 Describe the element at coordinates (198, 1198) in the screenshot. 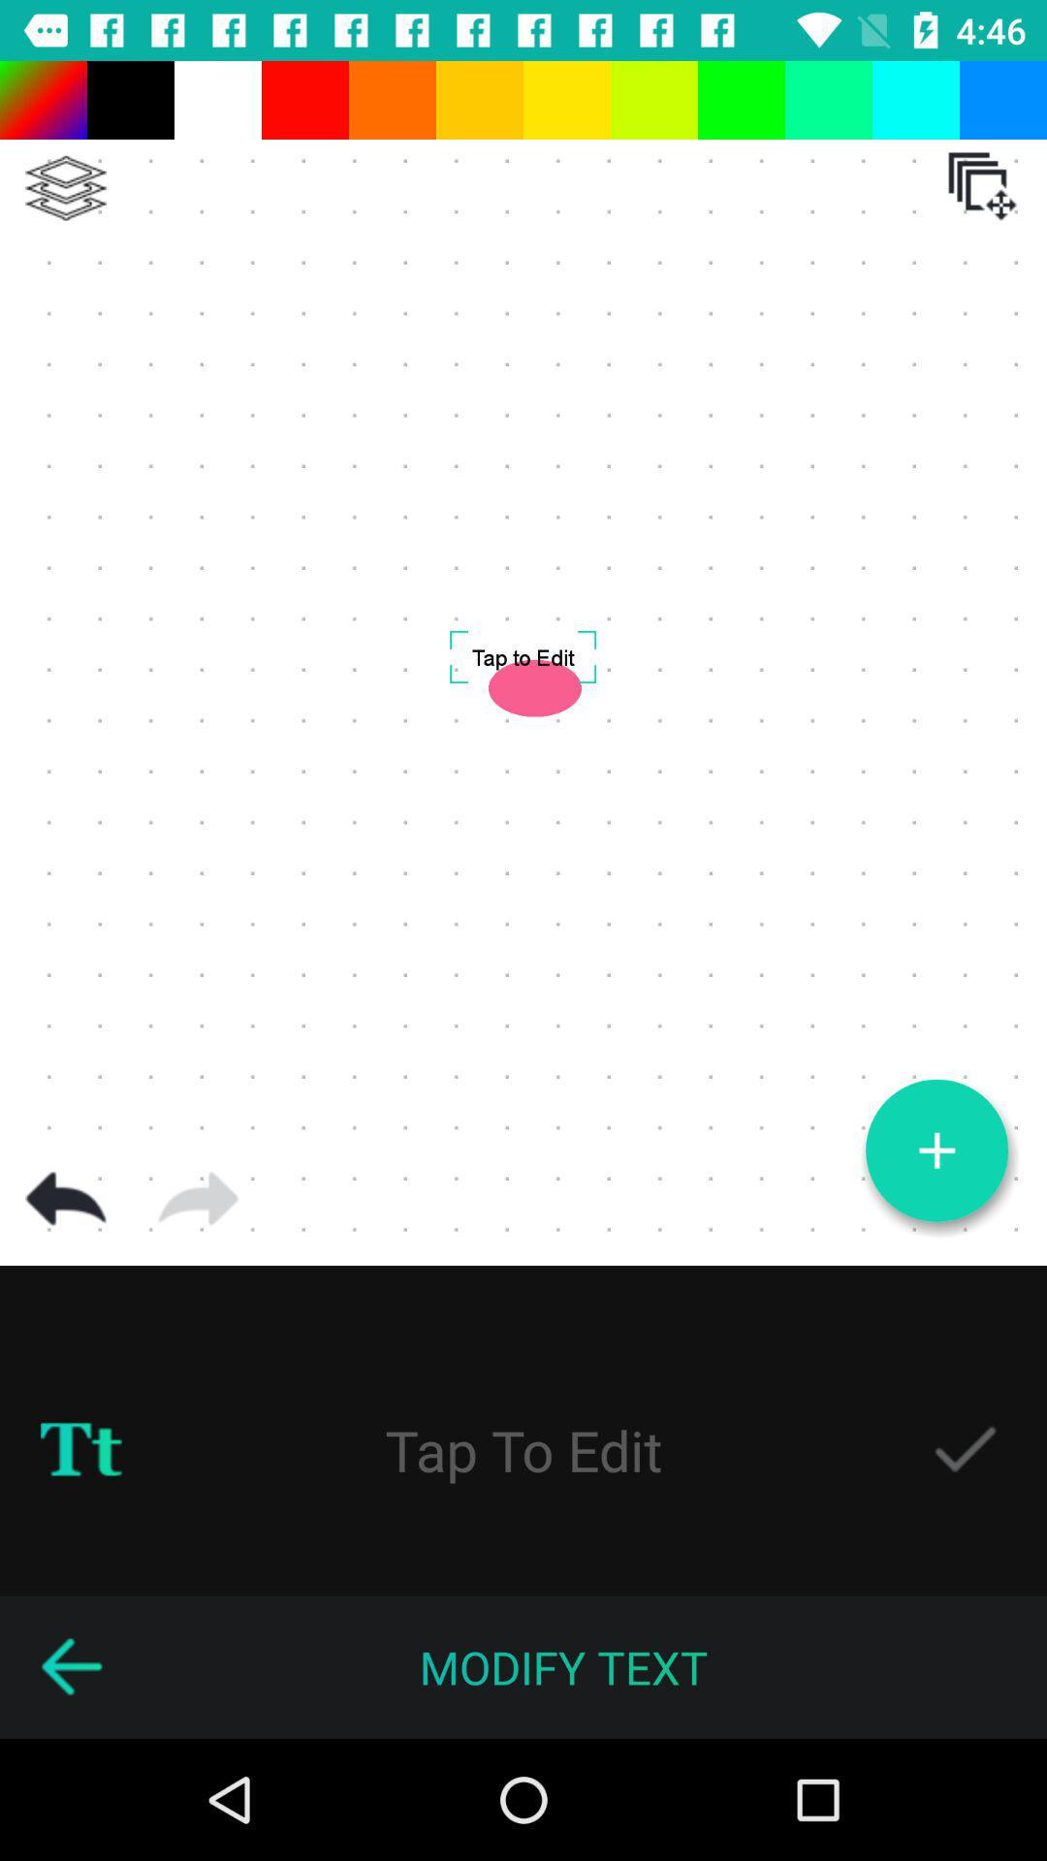

I see `redo edit` at that location.